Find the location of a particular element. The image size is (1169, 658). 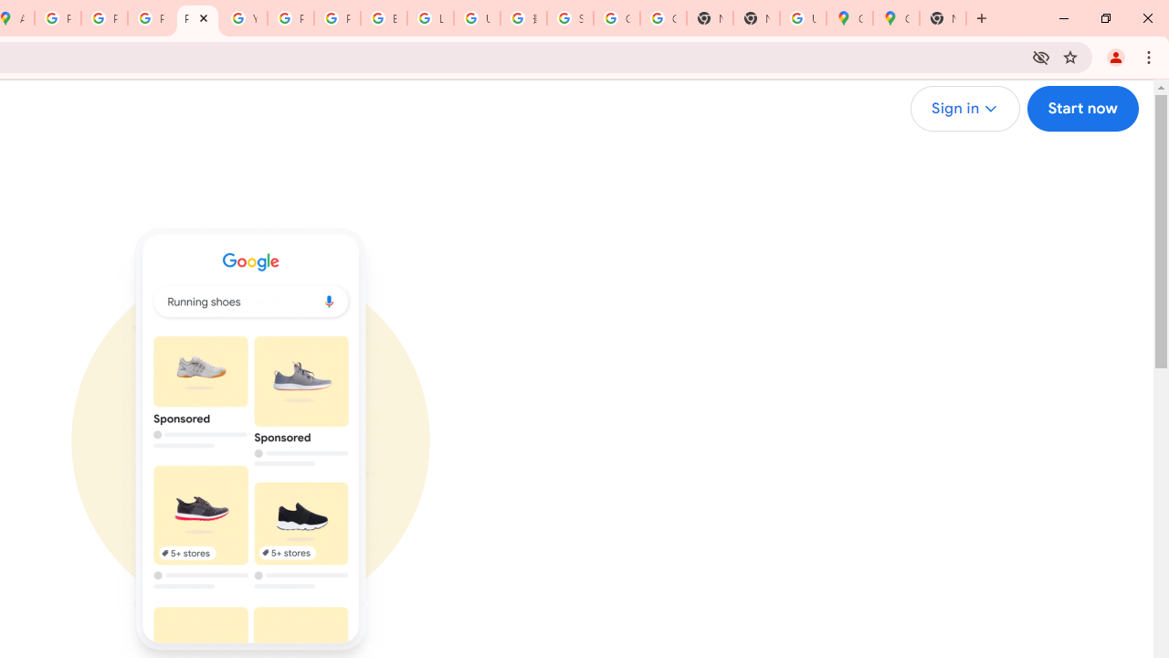

'Policy Accountability and Transparency - Transparency Center' is located at coordinates (58, 18).